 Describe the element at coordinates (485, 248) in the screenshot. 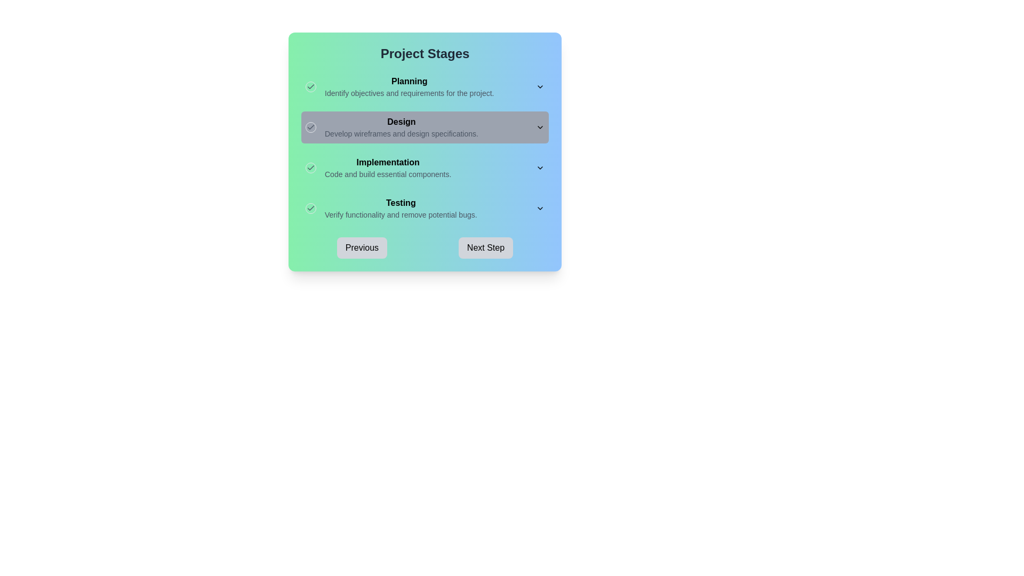

I see `the 'Next Step' button, which is a gray rectangular button with rounded corners located at the bottom right of the dialog box, to advance to the next stage` at that location.